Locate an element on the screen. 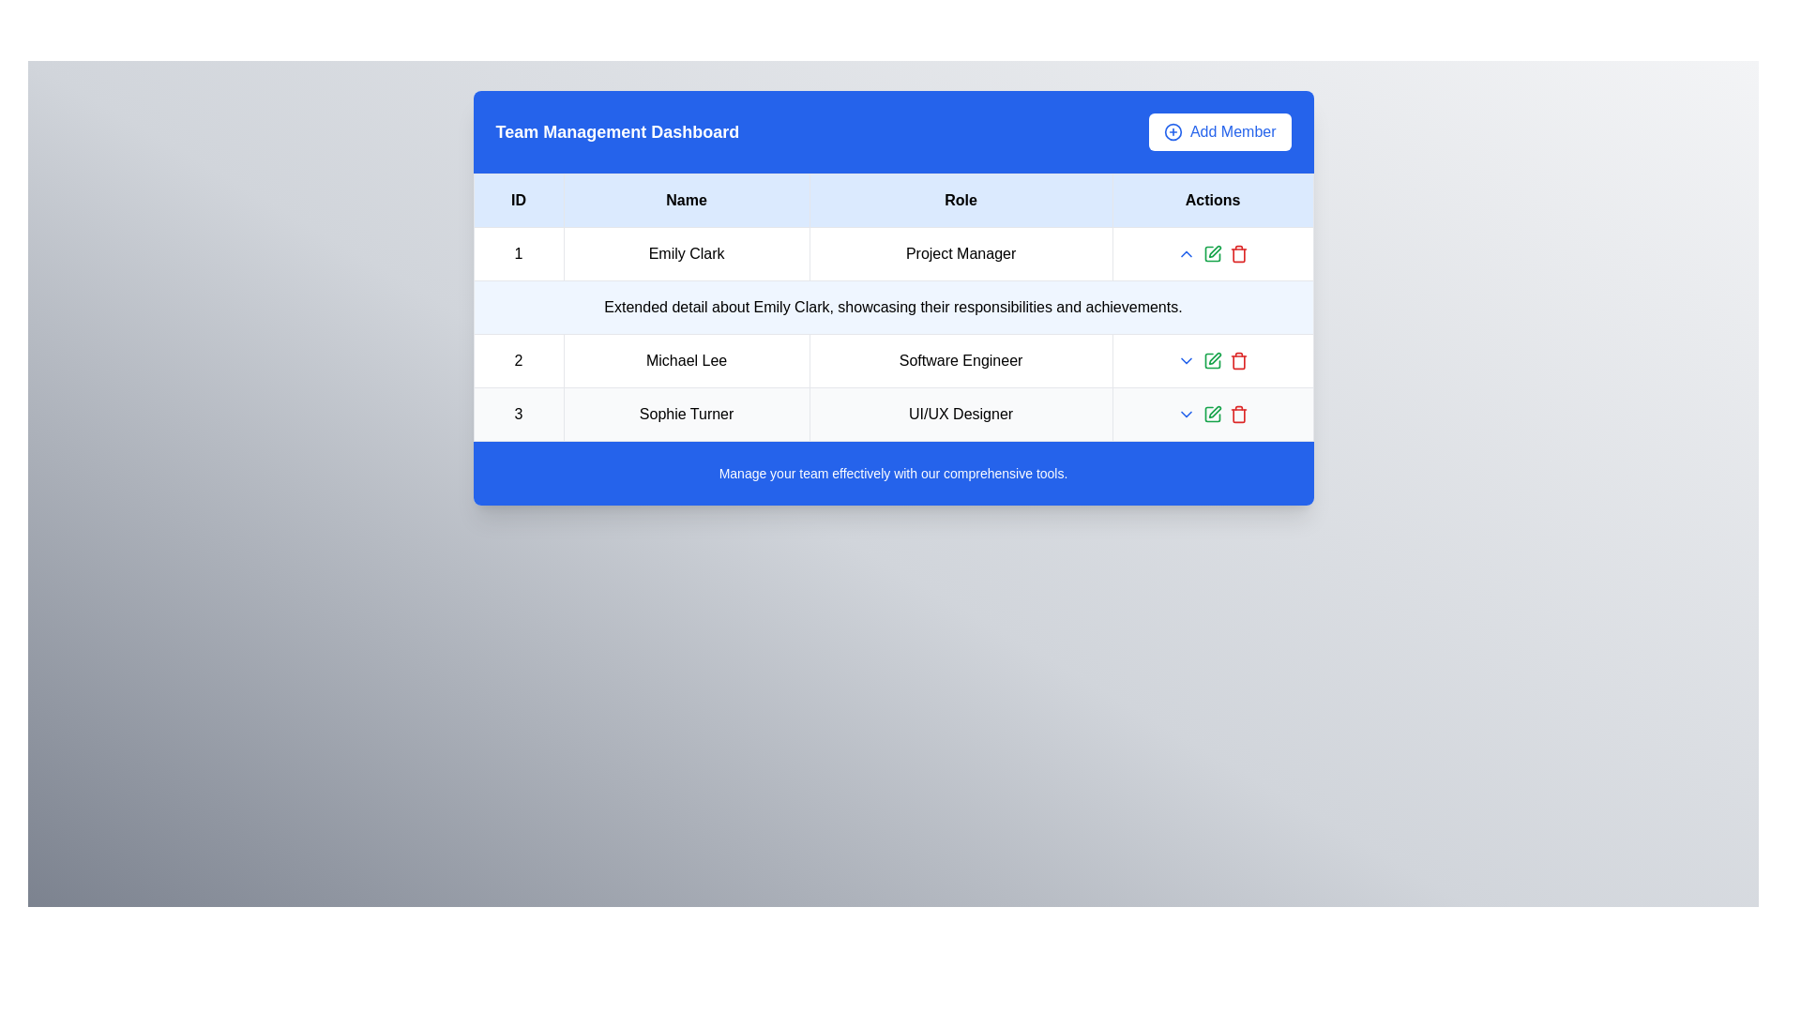 This screenshot has width=1801, height=1013. the main title text in the upper-left corner of the blue header section, which indicates the purpose of the dashboard as managing teams is located at coordinates (617, 131).